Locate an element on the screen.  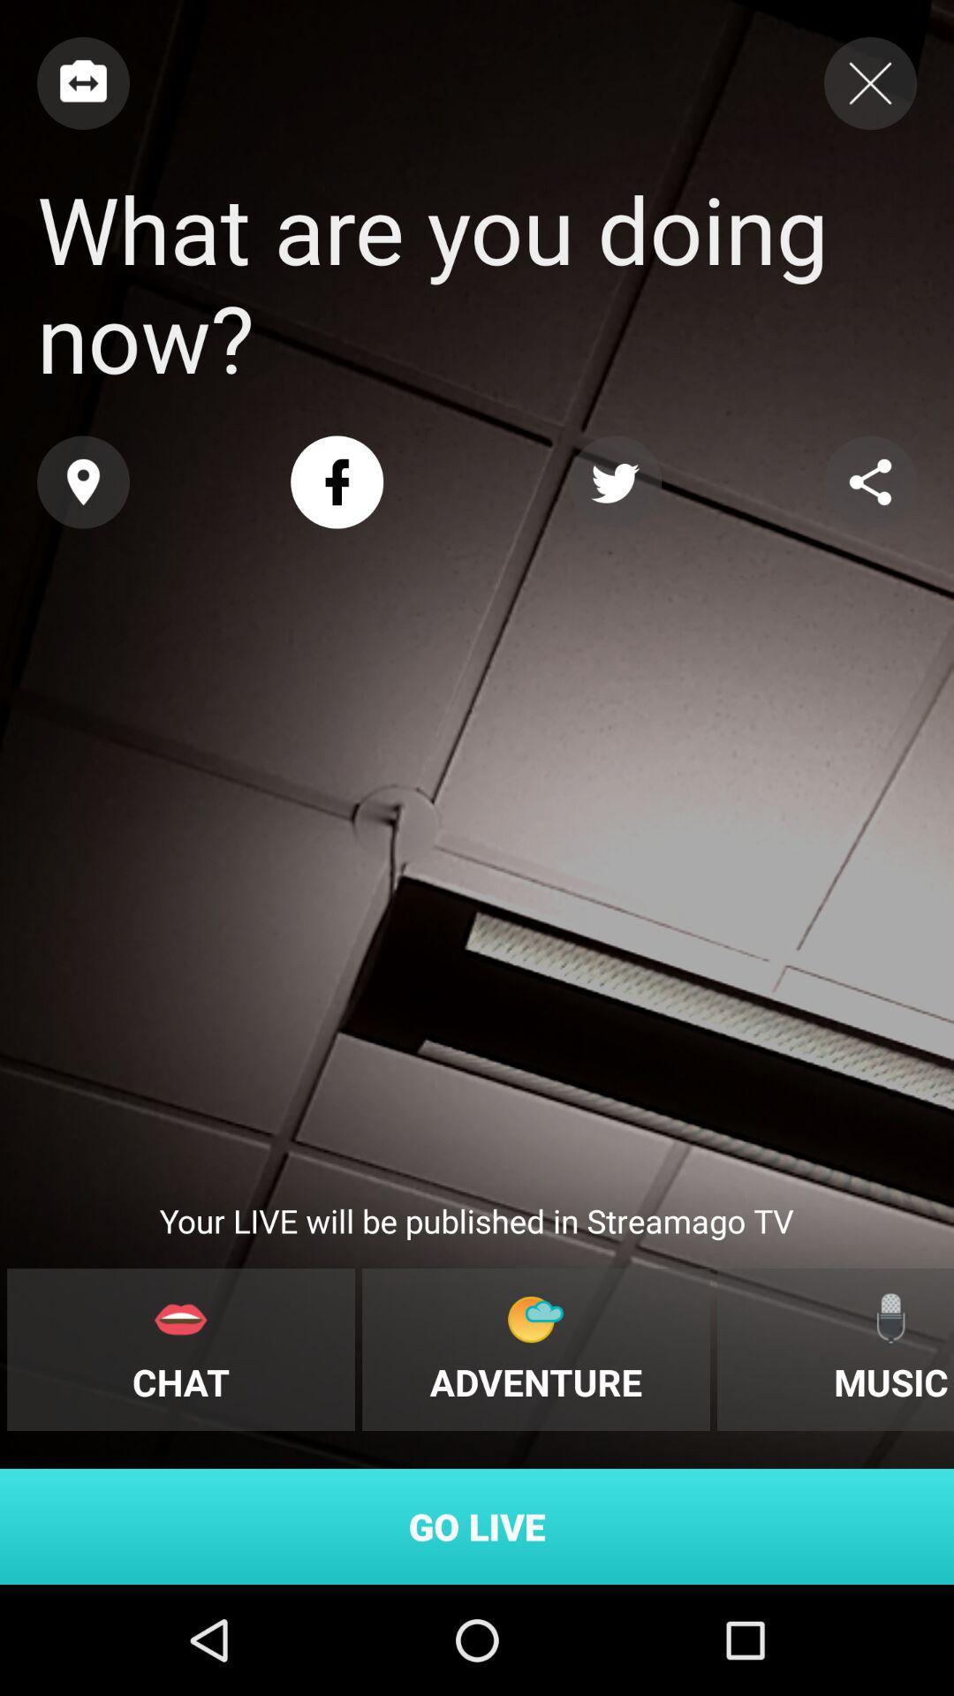
share on facebook is located at coordinates (337, 482).